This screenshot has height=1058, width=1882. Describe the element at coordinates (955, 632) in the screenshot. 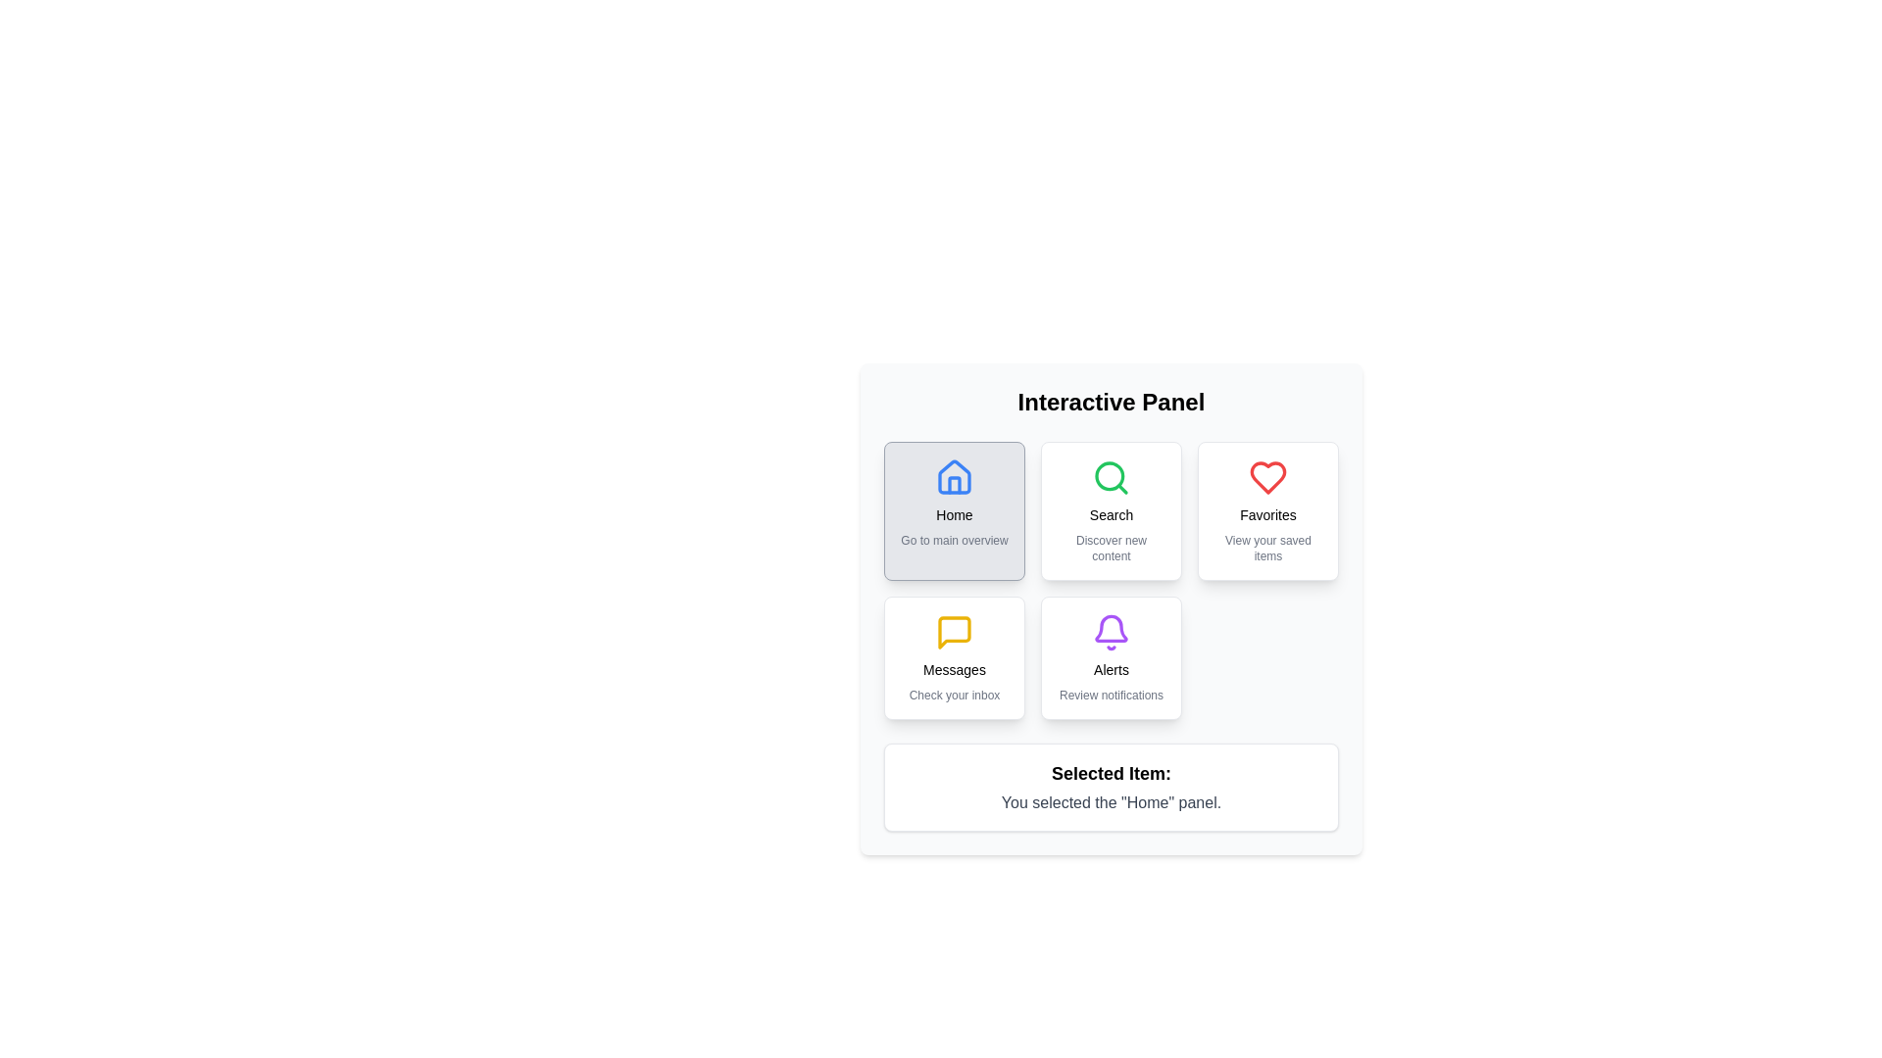

I see `the Messages icon located centrally within the Messages card at the bottom-left of the interactive panel grid` at that location.